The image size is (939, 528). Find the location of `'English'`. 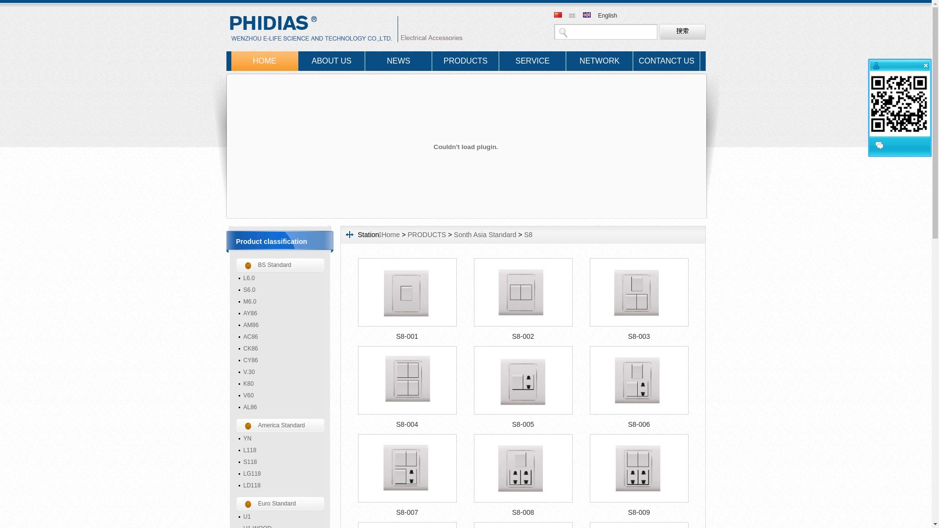

'English' is located at coordinates (607, 15).